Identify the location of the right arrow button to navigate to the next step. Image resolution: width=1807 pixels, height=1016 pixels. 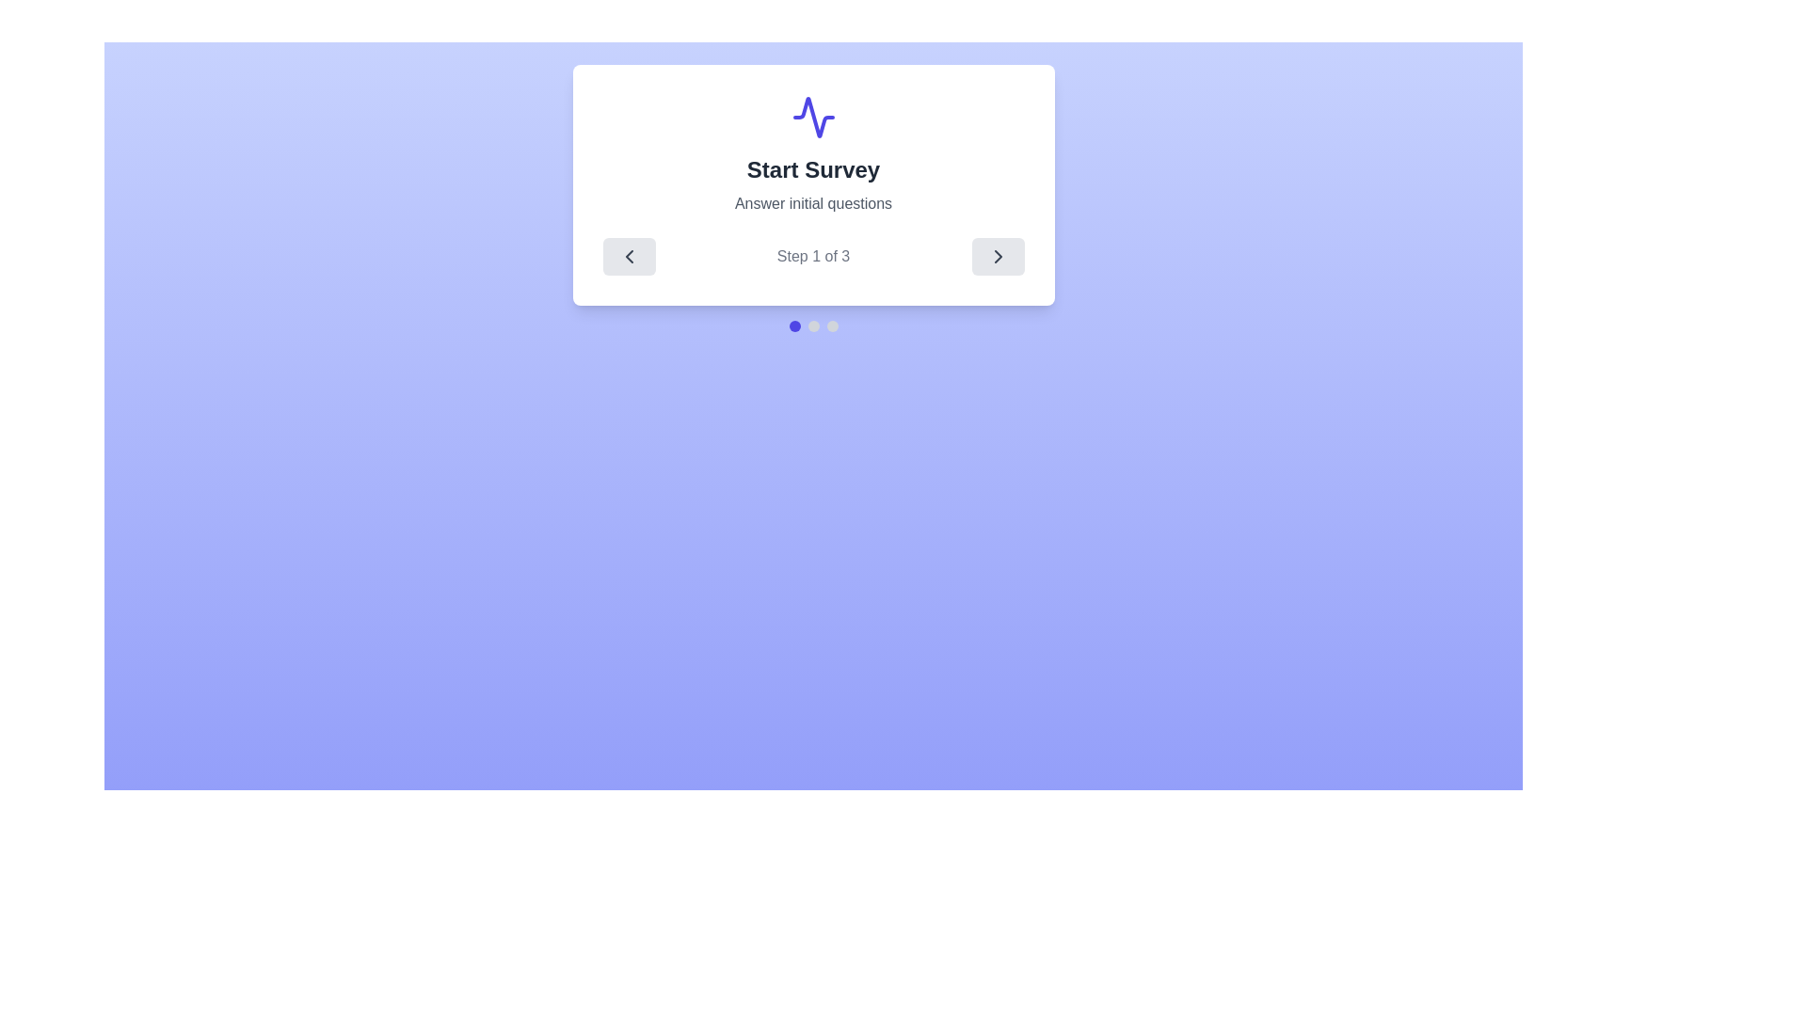
(997, 257).